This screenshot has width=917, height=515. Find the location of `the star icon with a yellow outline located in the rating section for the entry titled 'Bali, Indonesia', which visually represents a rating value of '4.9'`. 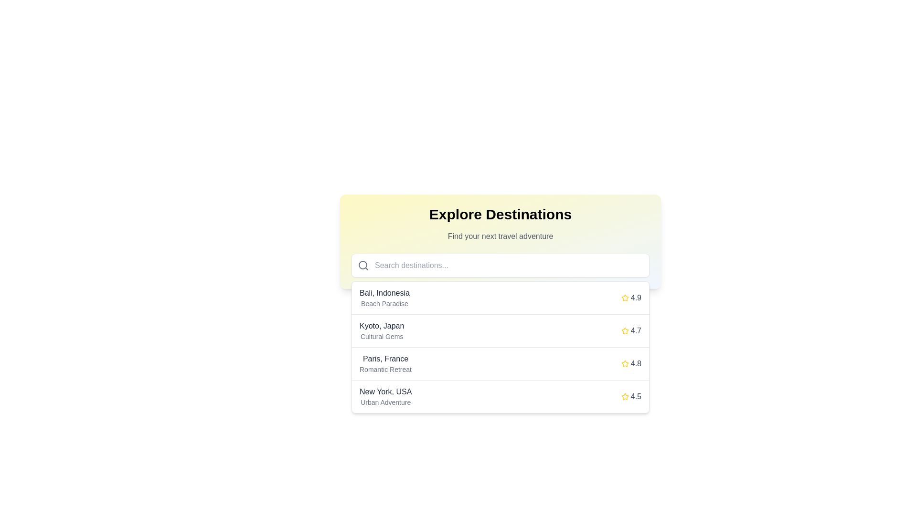

the star icon with a yellow outline located in the rating section for the entry titled 'Bali, Indonesia', which visually represents a rating value of '4.9' is located at coordinates (625, 297).